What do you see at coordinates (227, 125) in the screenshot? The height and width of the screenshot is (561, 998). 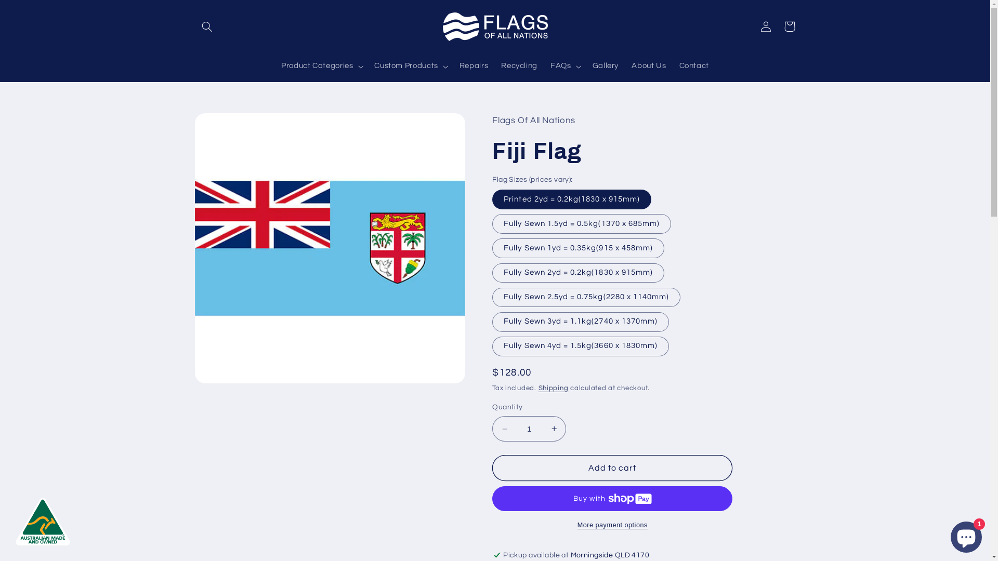 I see `'Skip to product information'` at bounding box center [227, 125].